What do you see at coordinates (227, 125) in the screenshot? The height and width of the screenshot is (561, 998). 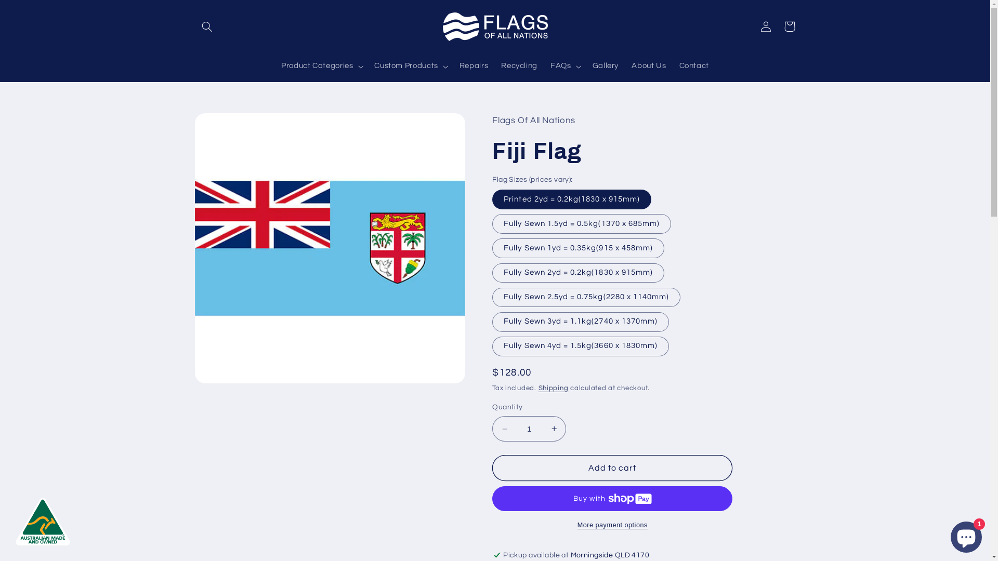 I see `'Skip to product information'` at bounding box center [227, 125].